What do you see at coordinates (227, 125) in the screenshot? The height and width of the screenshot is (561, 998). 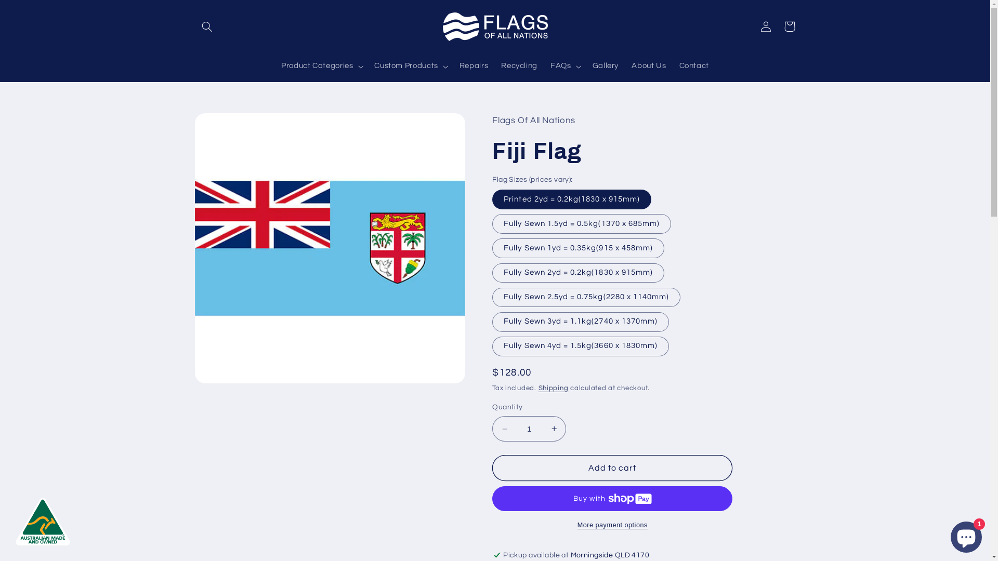 I see `'Skip to product information'` at bounding box center [227, 125].